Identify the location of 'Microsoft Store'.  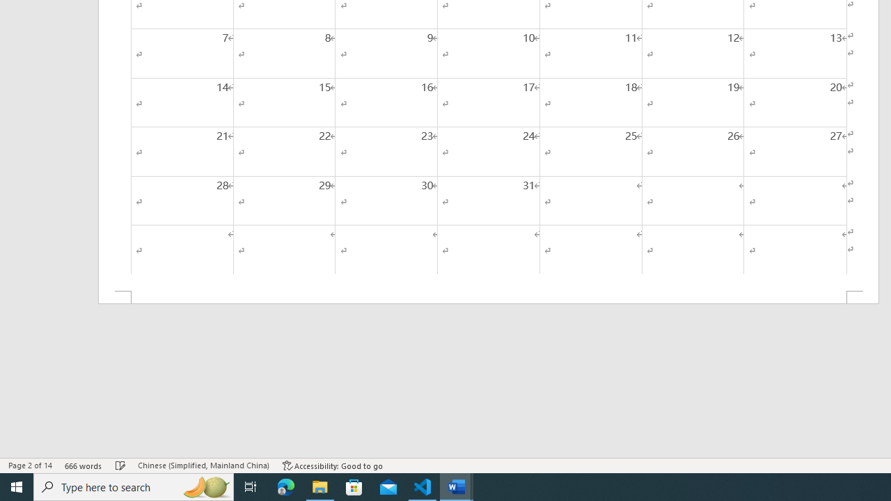
(354, 486).